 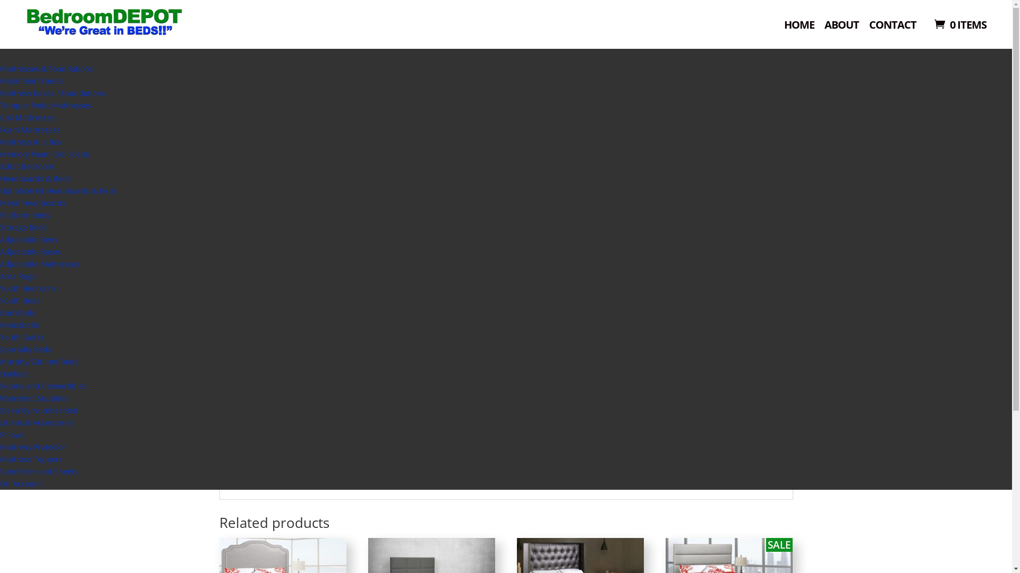 I want to click on 'ABOUT', so click(x=841, y=28).